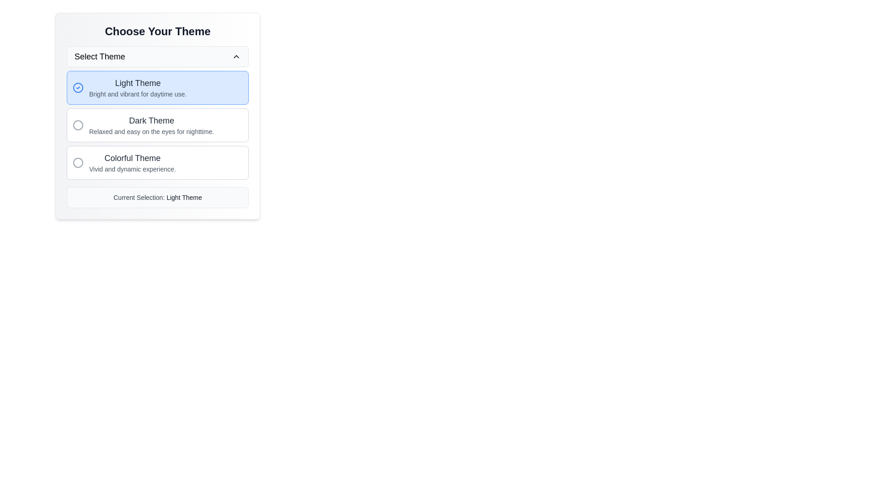 The image size is (878, 494). I want to click on the descriptive text block about the 'Dark Theme' option, so click(151, 125).